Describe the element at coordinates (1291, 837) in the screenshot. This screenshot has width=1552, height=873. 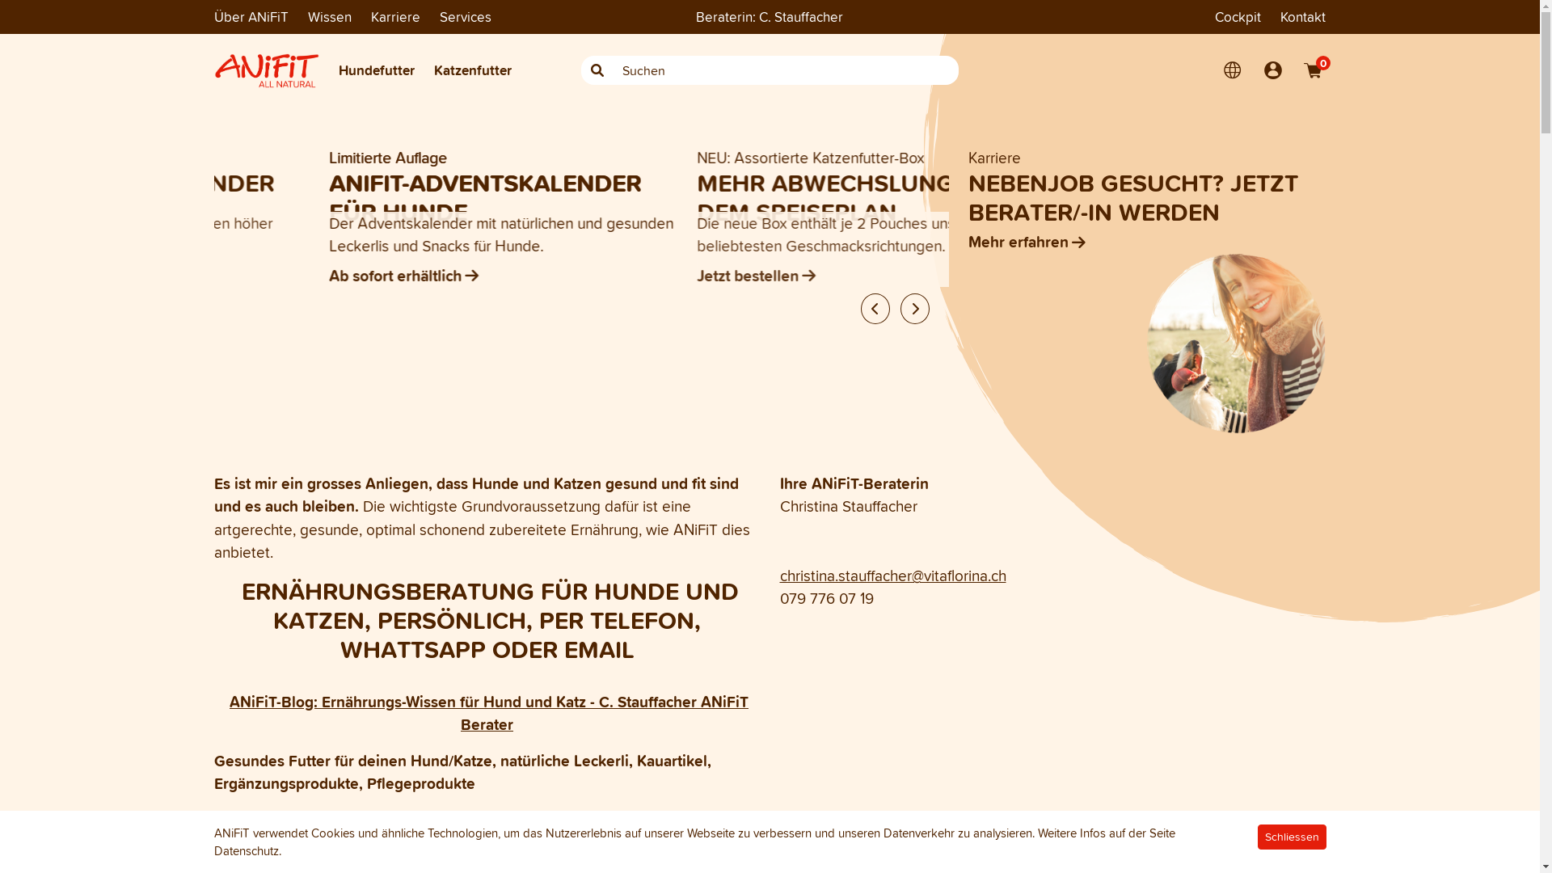
I see `'Schliessen'` at that location.